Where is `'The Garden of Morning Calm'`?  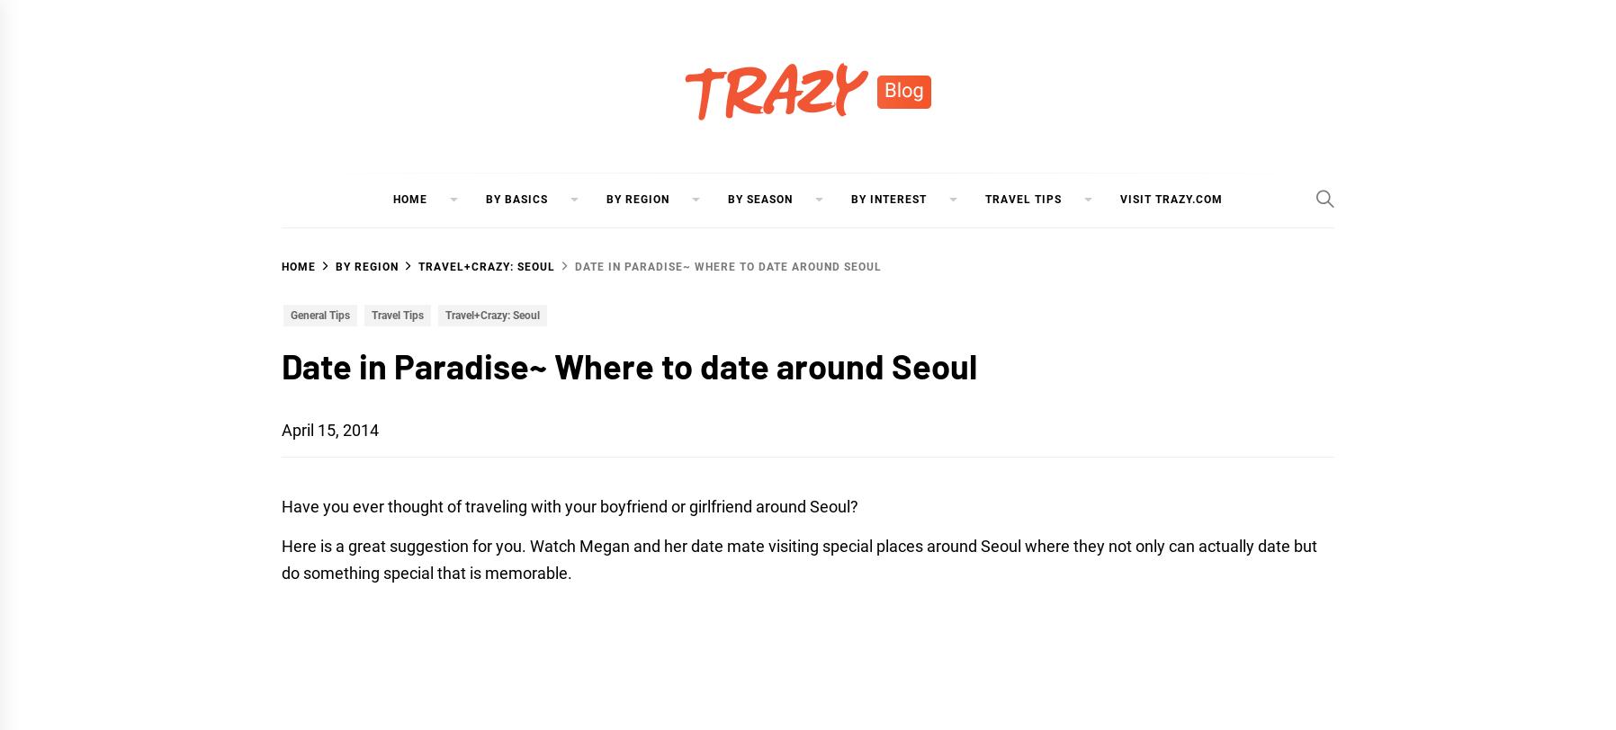
'The Garden of Morning Calm' is located at coordinates (1063, 316).